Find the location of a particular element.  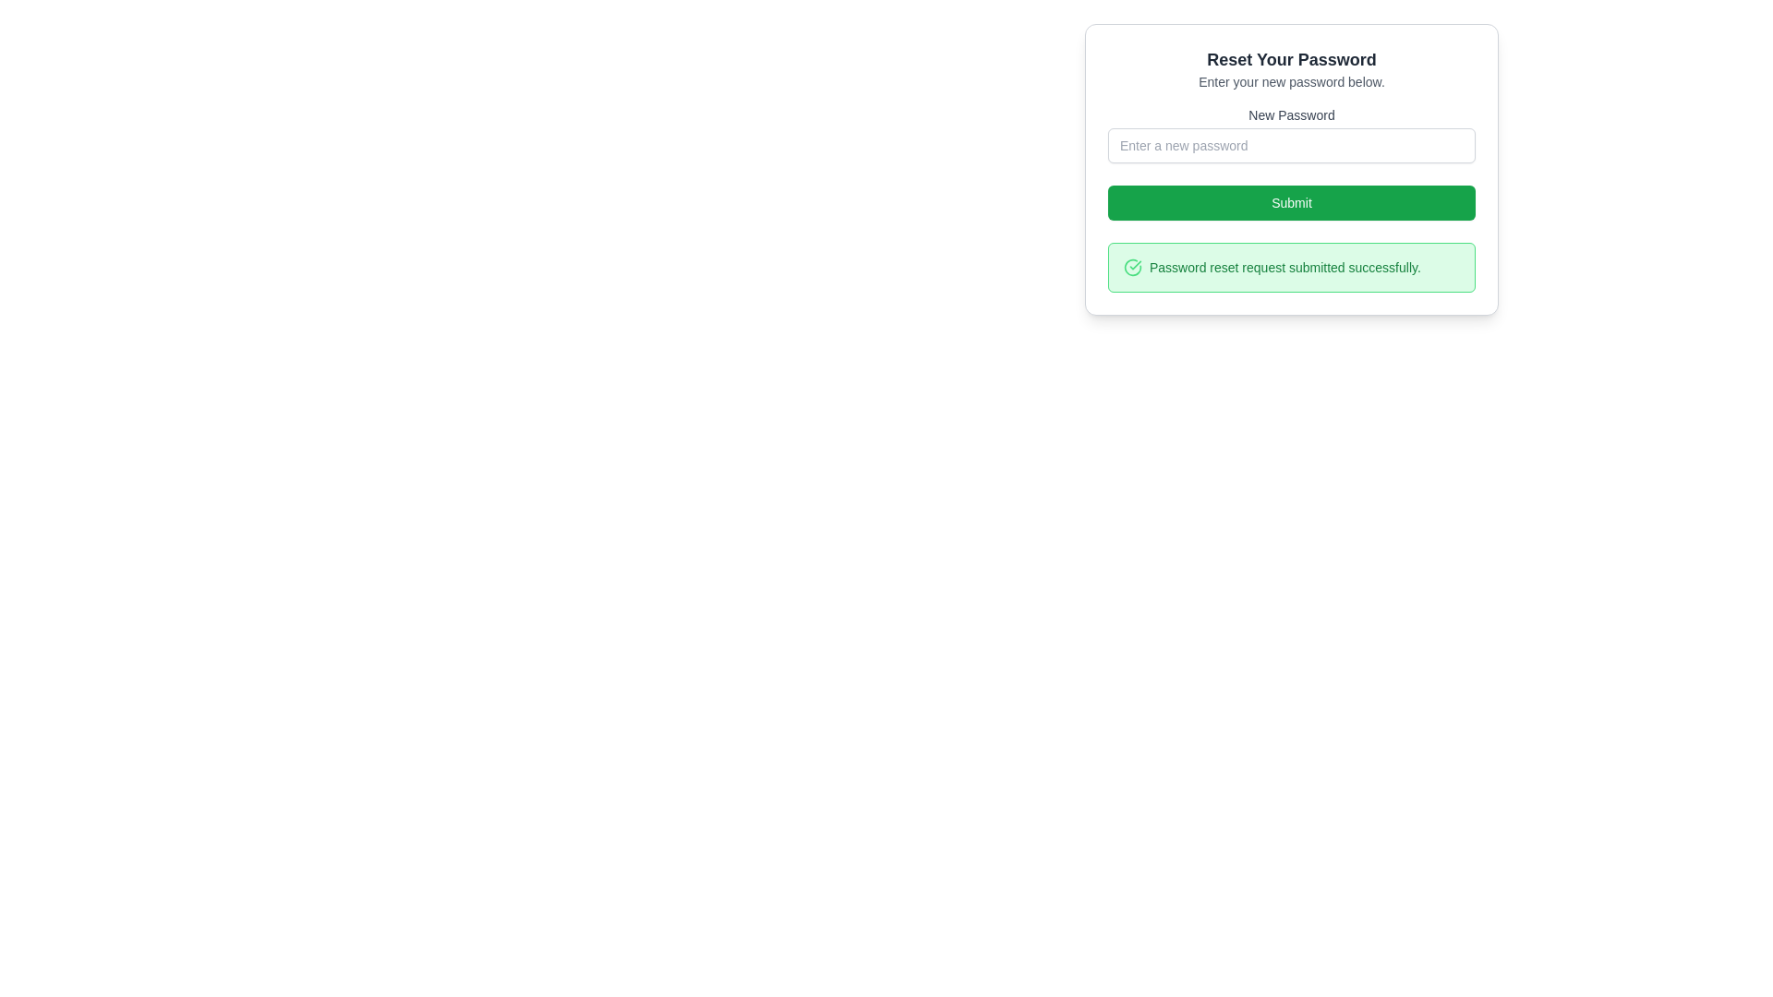

the green 'Submit' button with white bold text that is located below the password input field is located at coordinates (1290, 202).